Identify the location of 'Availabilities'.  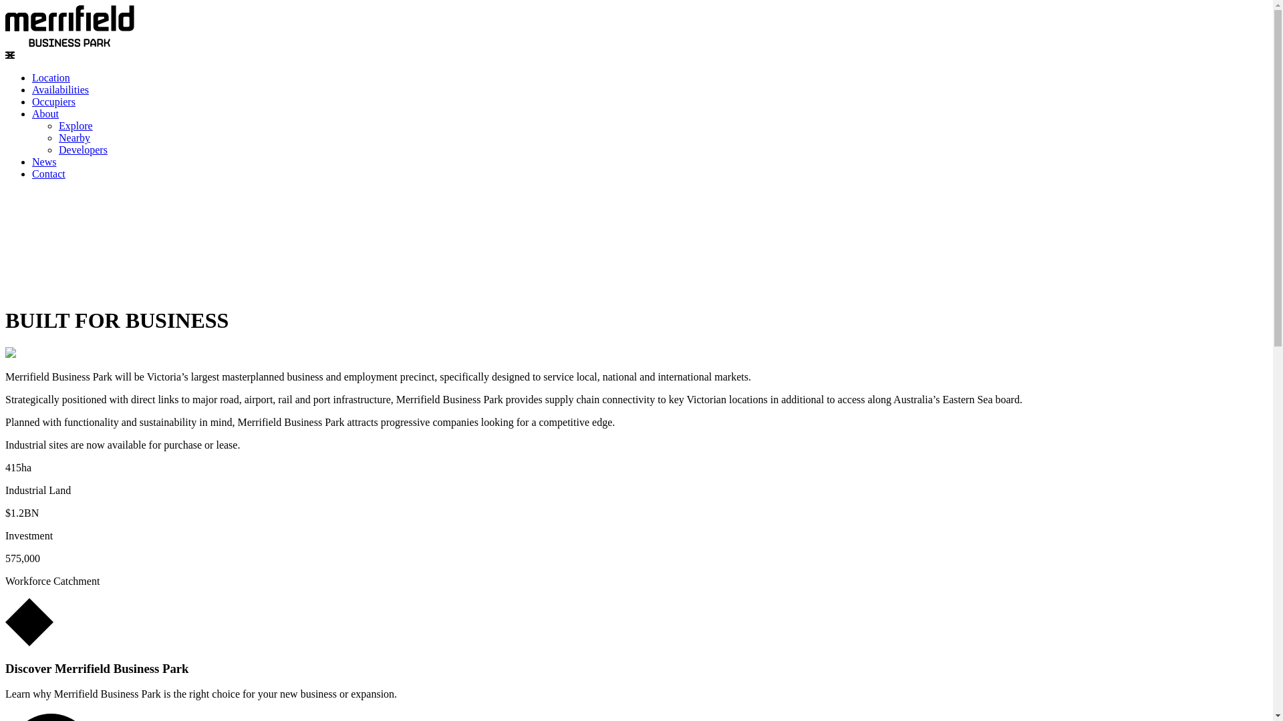
(59, 89).